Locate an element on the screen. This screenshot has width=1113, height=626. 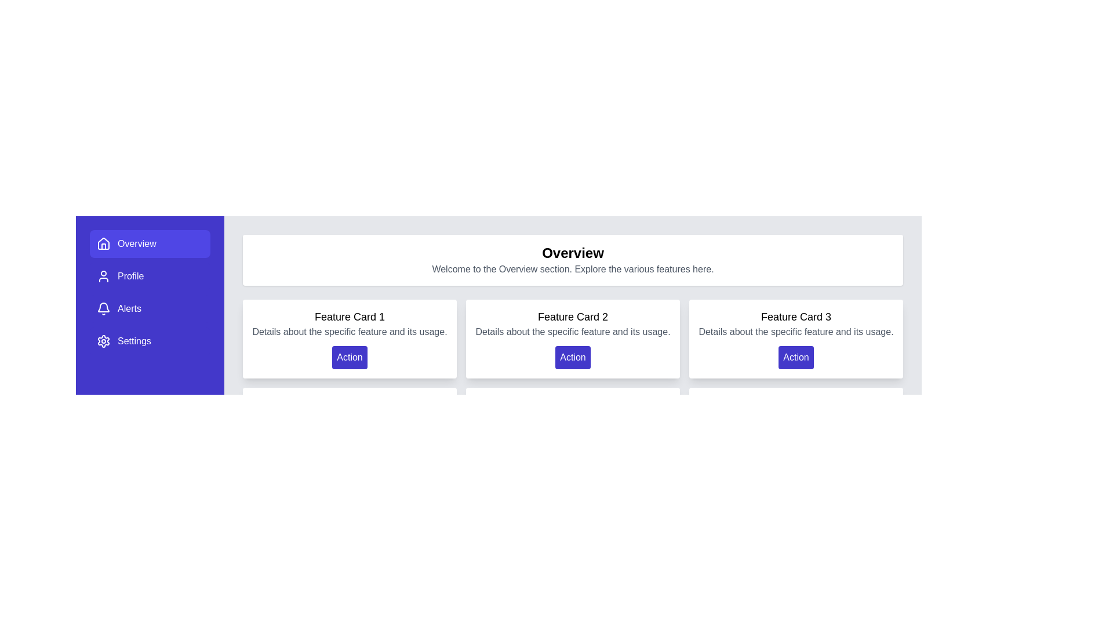
the 'Settings' button located at the bottom of the left sidebar, which is the fourth button in a vertical list is located at coordinates (150, 341).